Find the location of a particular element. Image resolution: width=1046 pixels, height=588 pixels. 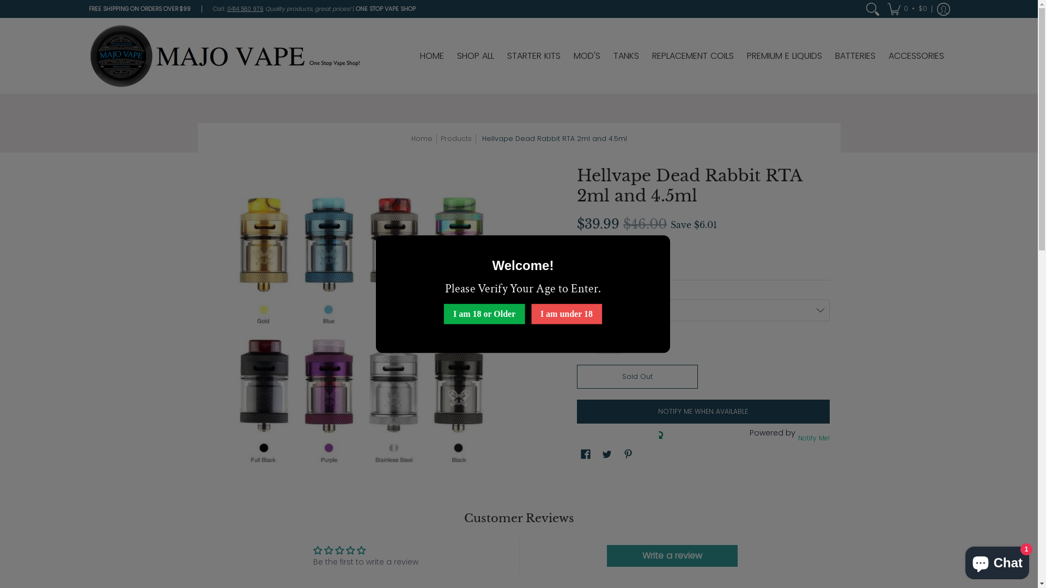

'BATTERIES' is located at coordinates (854, 56).